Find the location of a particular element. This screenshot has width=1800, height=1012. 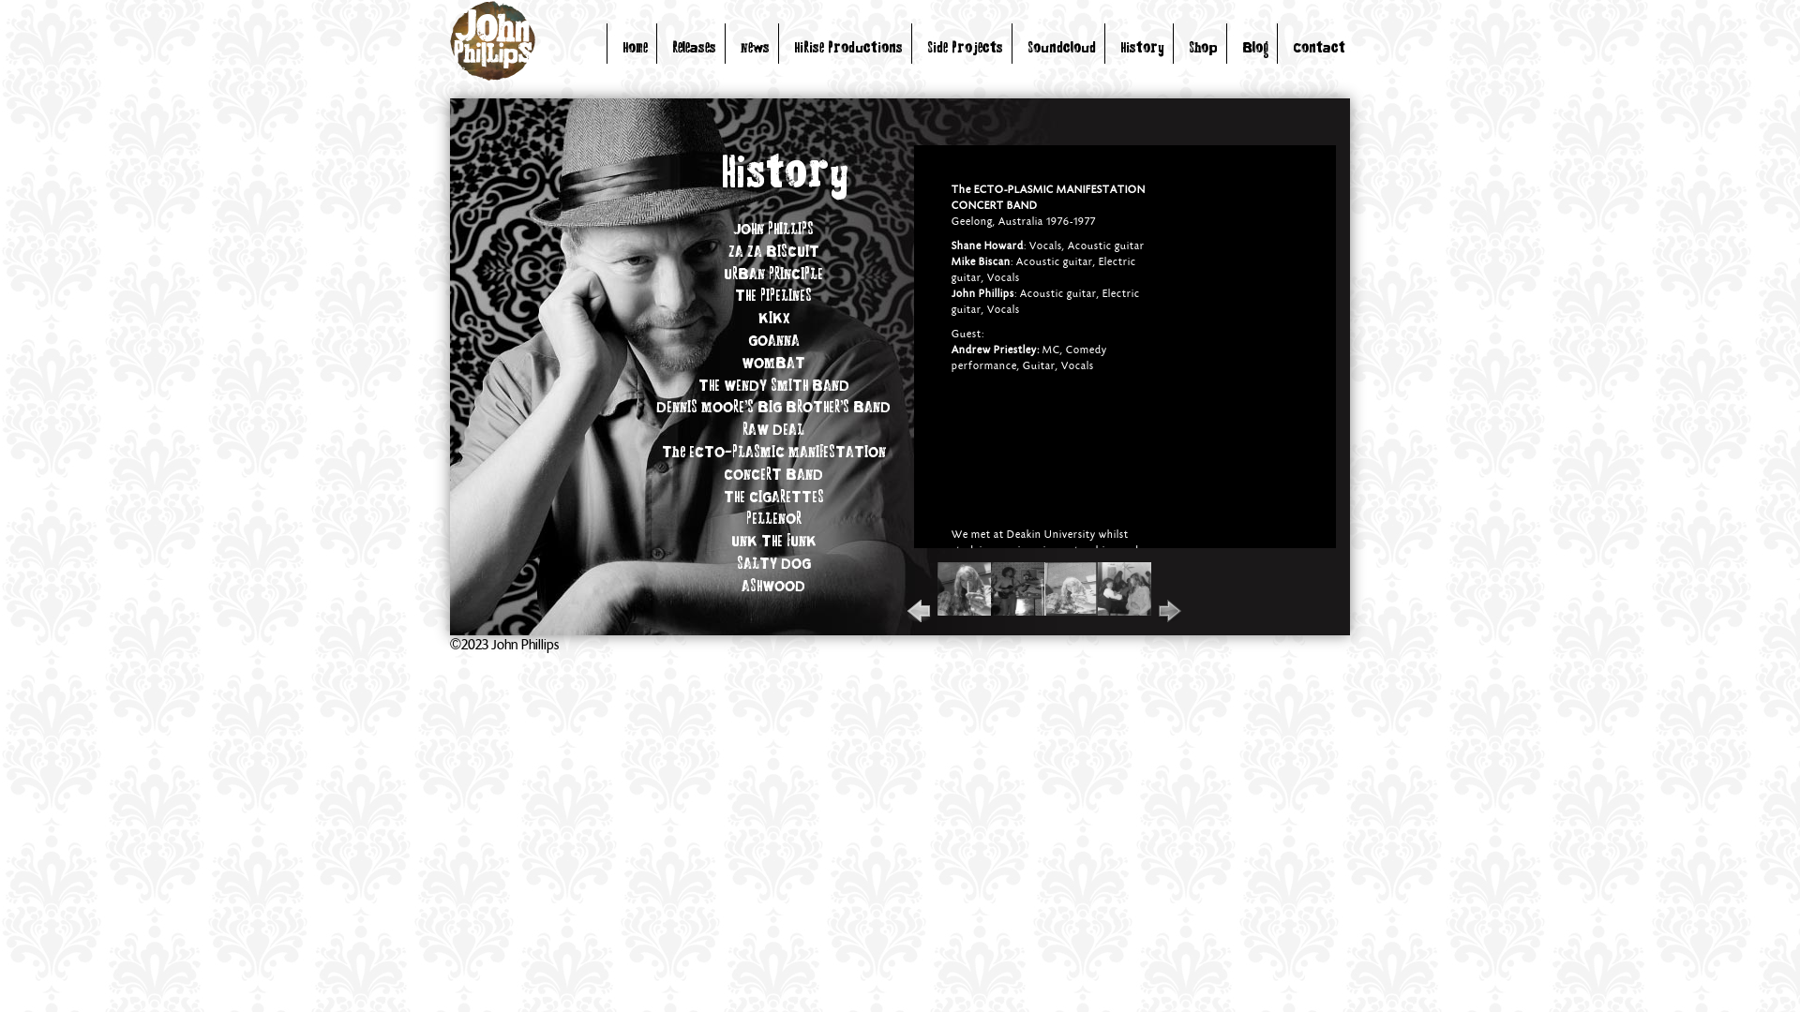

'Releases' is located at coordinates (693, 48).